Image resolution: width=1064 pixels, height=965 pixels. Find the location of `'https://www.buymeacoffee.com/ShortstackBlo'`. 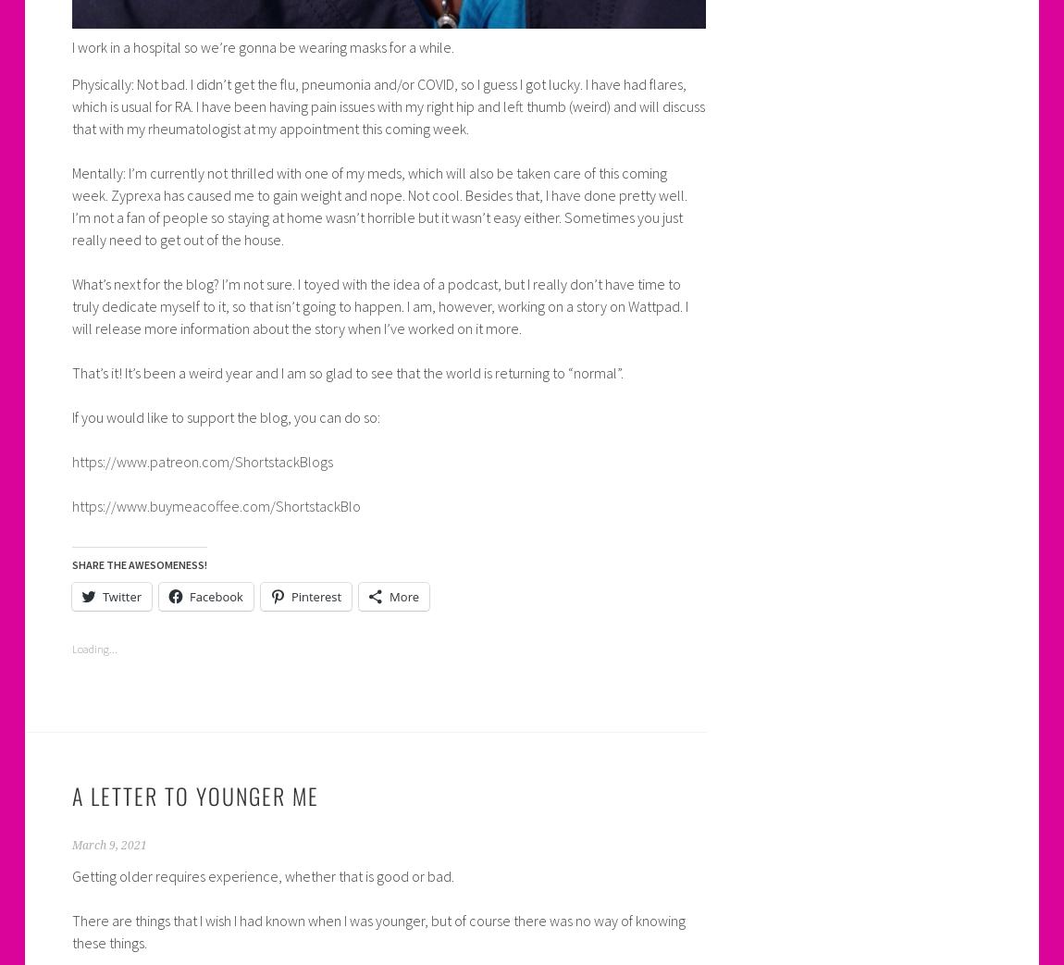

'https://www.buymeacoffee.com/ShortstackBlo' is located at coordinates (214, 505).